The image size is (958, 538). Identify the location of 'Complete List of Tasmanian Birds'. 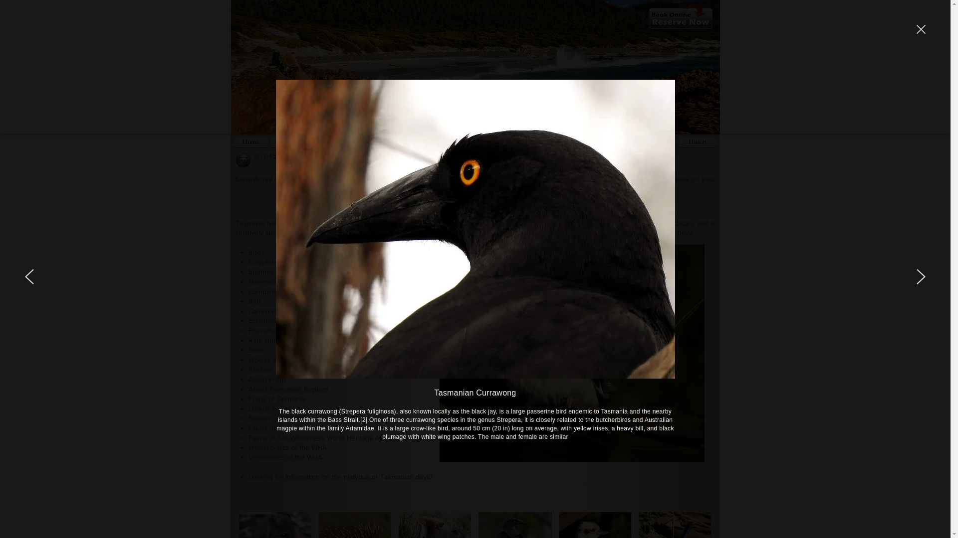
(299, 261).